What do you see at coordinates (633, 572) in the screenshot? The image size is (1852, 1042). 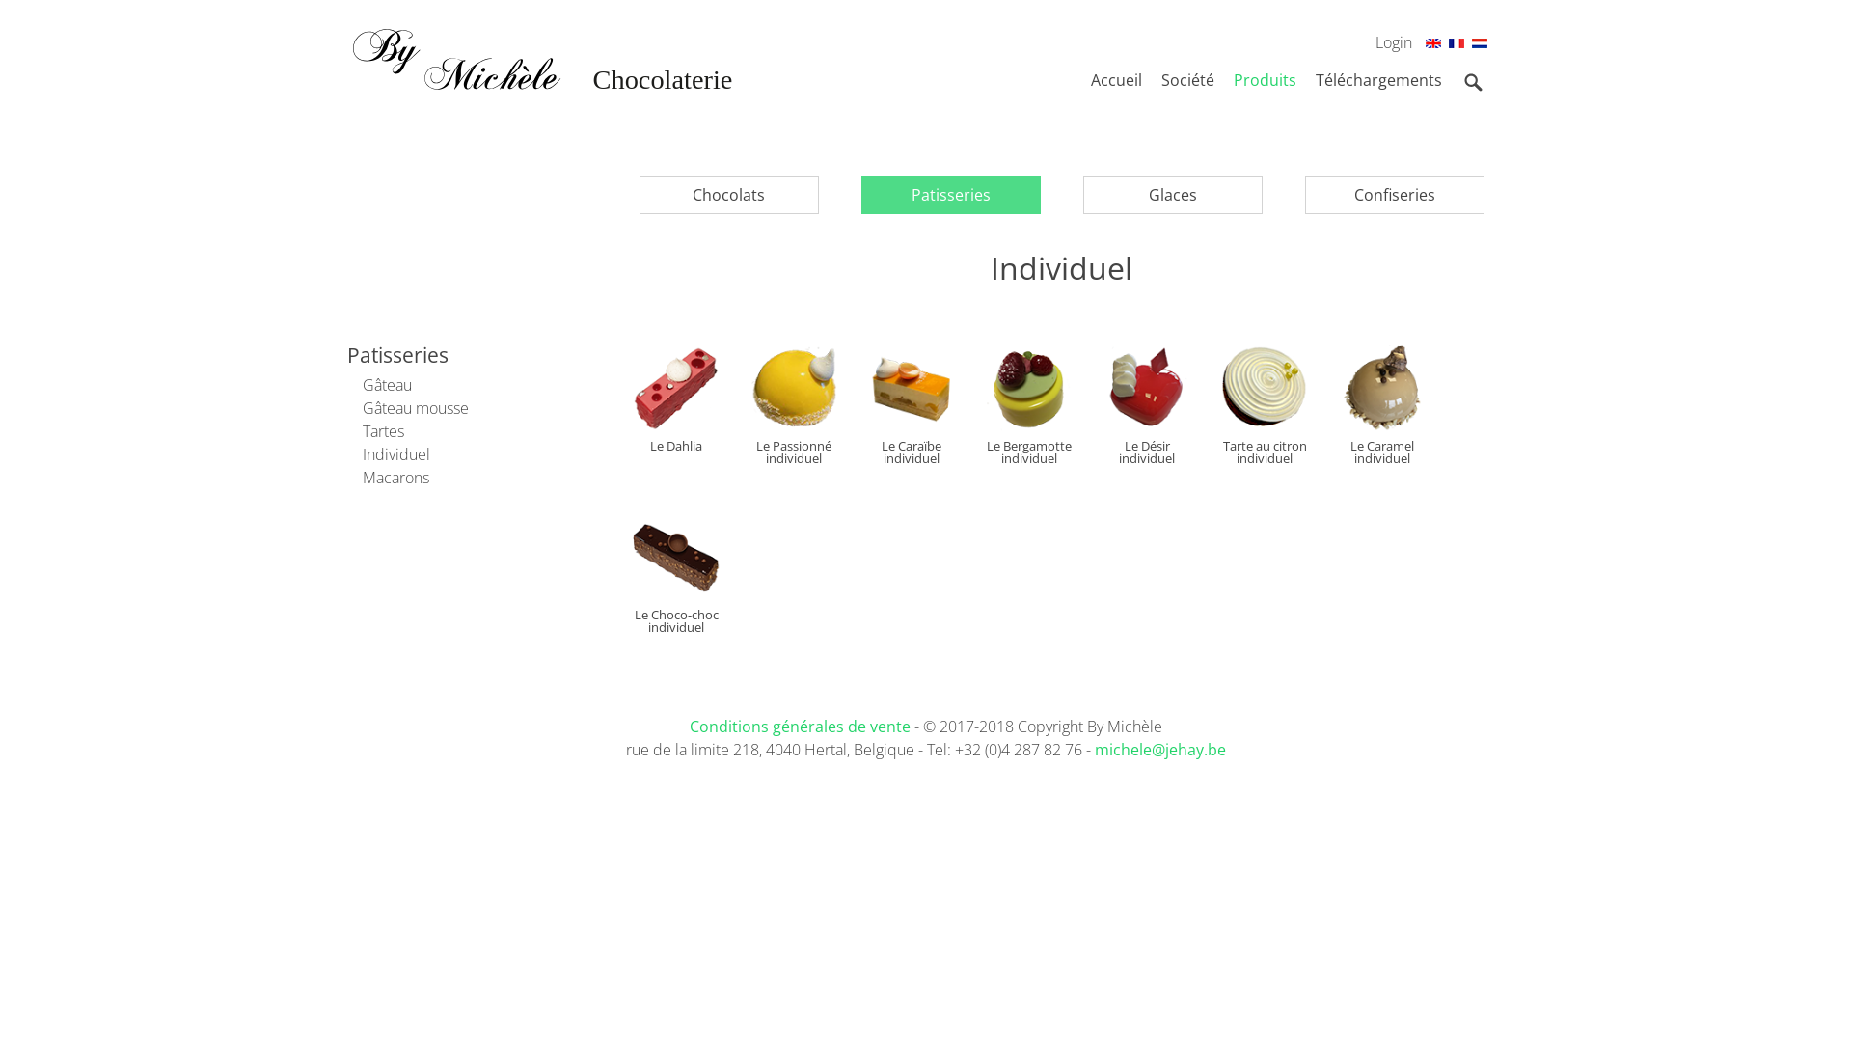 I see `'Le Choco-choc individuel'` at bounding box center [633, 572].